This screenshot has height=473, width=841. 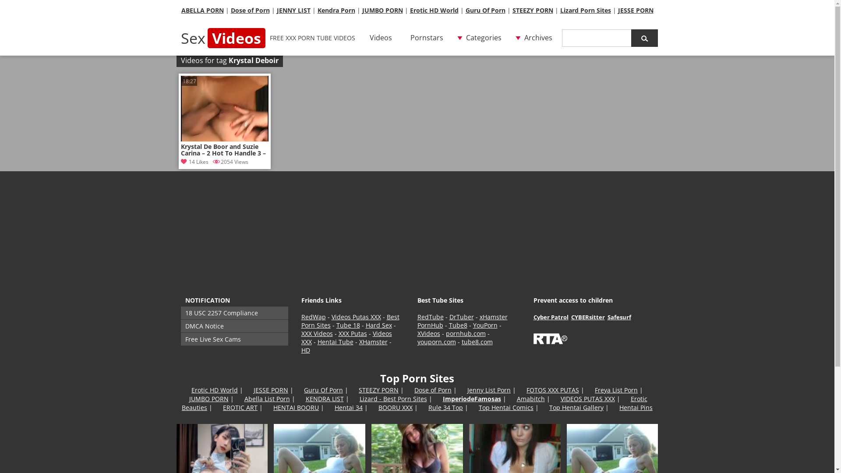 What do you see at coordinates (276, 10) in the screenshot?
I see `'JENNY LIST'` at bounding box center [276, 10].